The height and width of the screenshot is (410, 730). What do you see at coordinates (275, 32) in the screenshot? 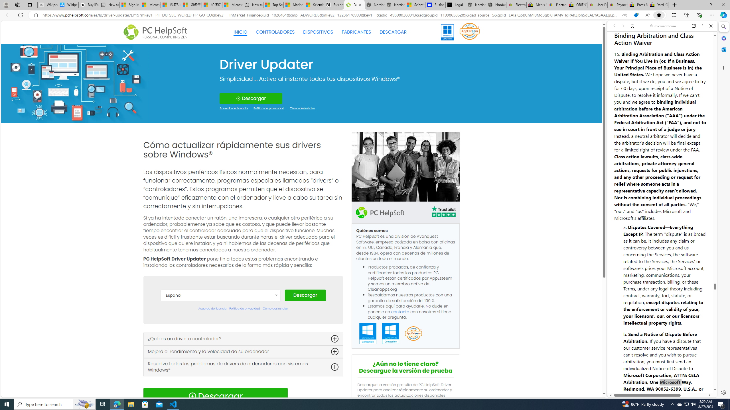
I see `'CONTROLADORES'` at bounding box center [275, 32].